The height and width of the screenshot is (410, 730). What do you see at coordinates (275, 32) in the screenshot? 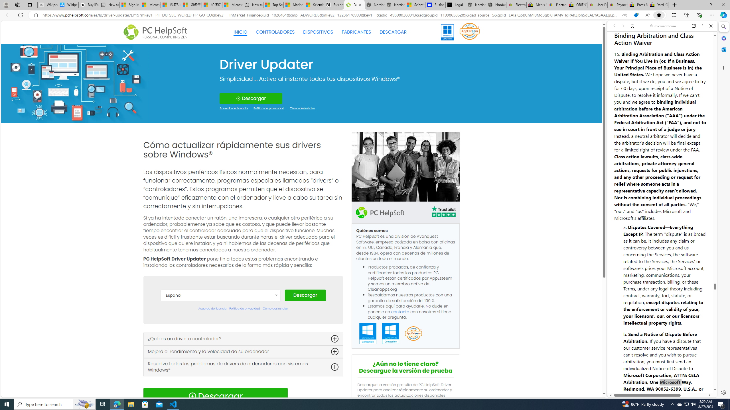
I see `'CONTROLADORES'` at bounding box center [275, 32].